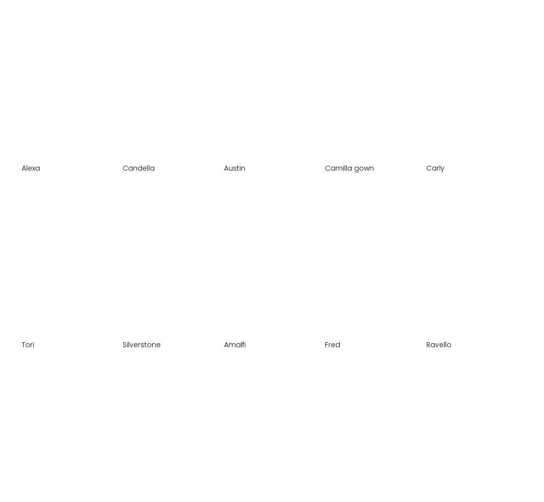 The image size is (544, 502). What do you see at coordinates (138, 167) in the screenshot?
I see `'Candella'` at bounding box center [138, 167].